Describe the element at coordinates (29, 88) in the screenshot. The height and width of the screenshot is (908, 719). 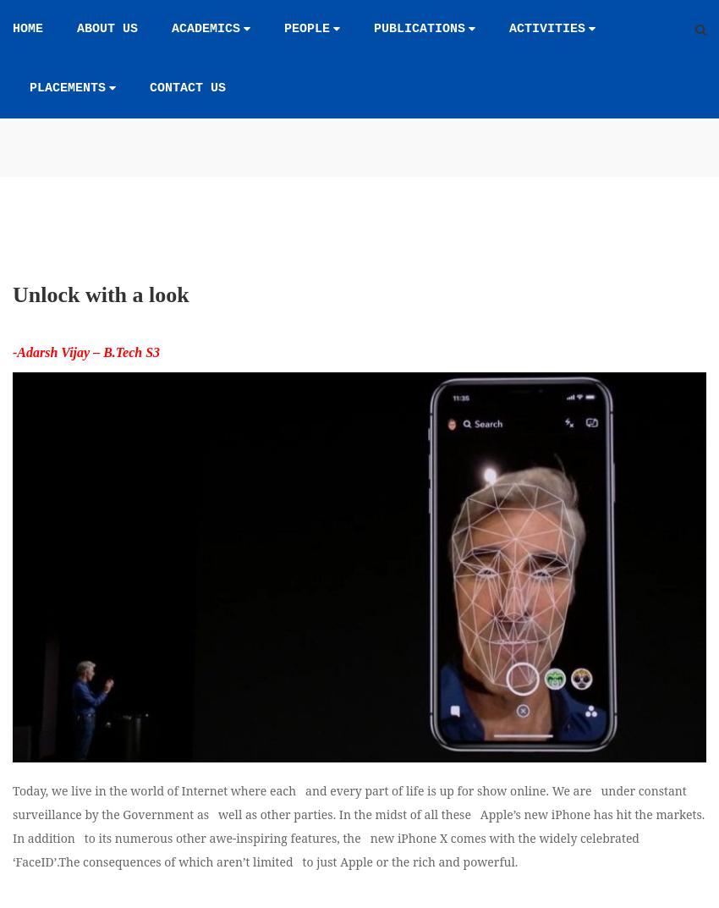
I see `'Placements'` at that location.